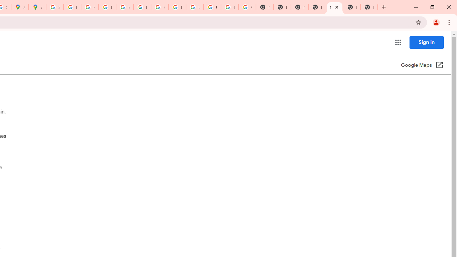  Describe the element at coordinates (334, 7) in the screenshot. I see `'Crisis-related alerts in Google Maps - Google Maps Help'` at that location.